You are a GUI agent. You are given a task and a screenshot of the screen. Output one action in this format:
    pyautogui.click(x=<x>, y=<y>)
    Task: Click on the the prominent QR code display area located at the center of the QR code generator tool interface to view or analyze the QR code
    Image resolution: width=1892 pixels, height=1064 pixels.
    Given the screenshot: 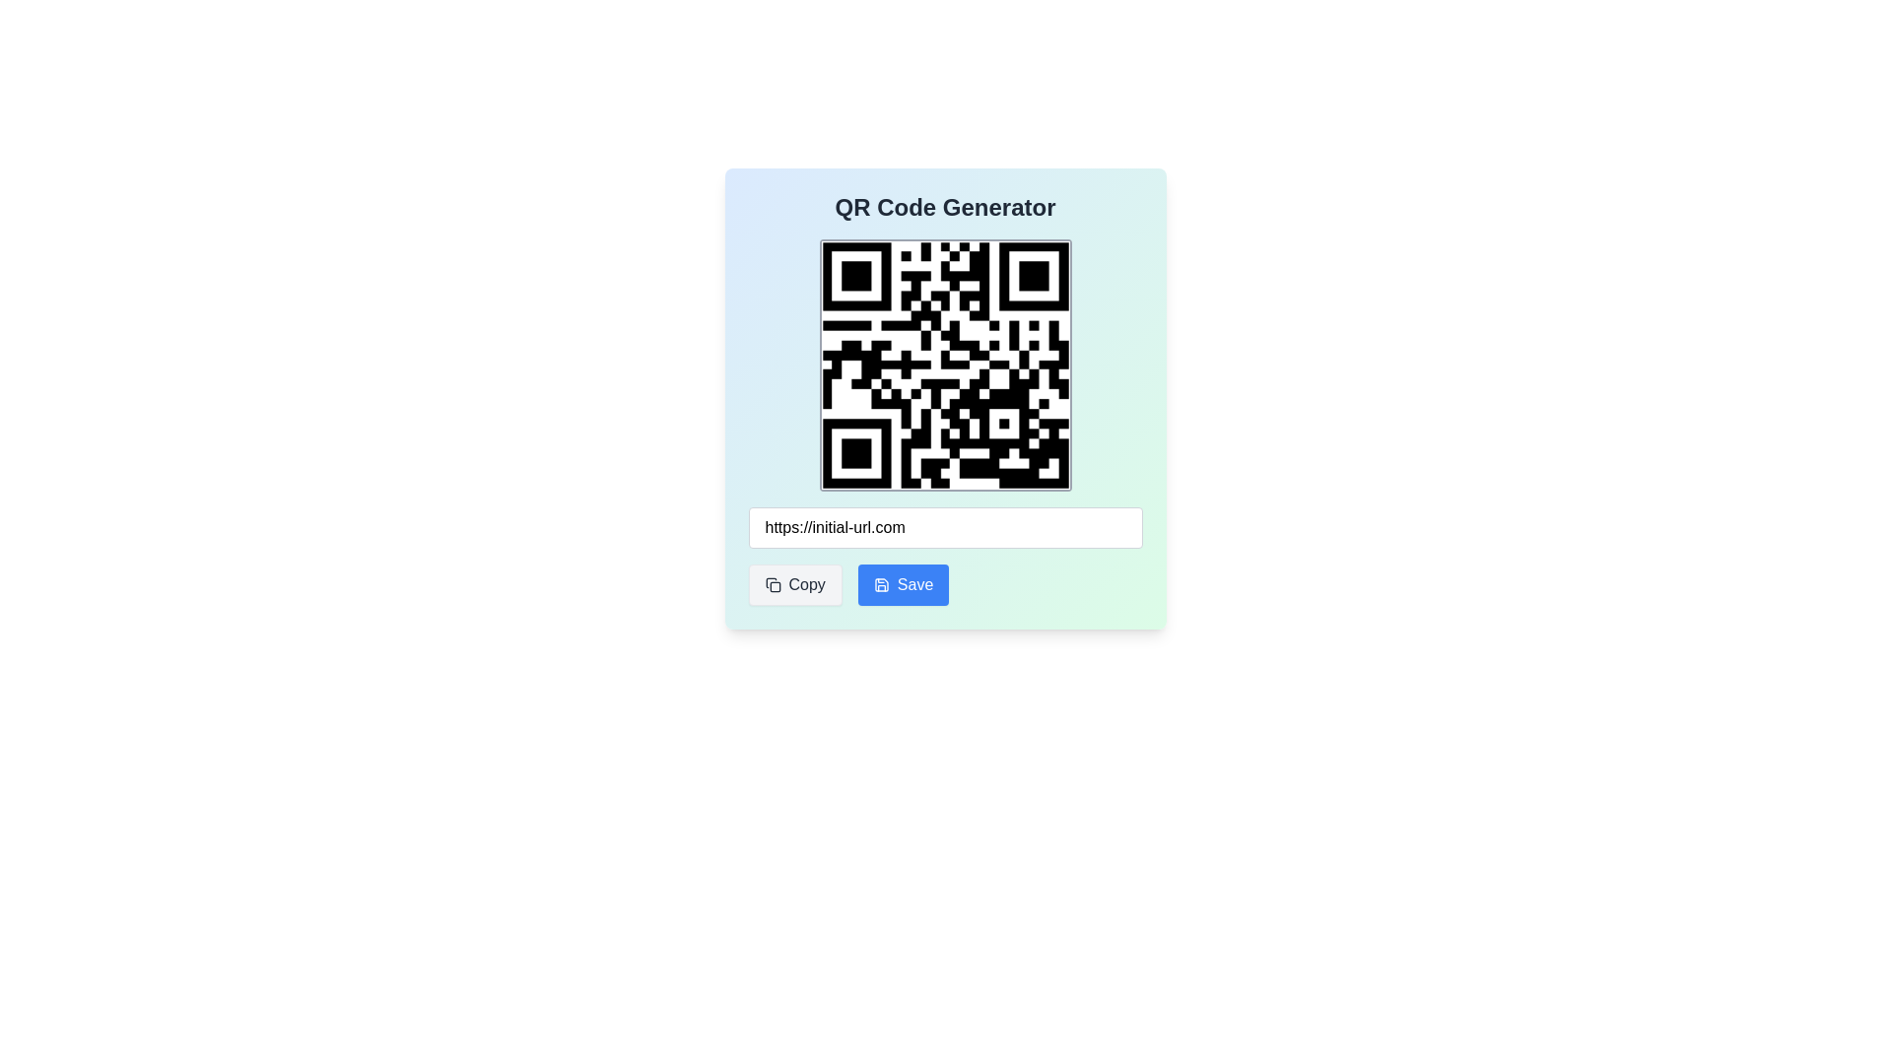 What is the action you would take?
    pyautogui.click(x=944, y=399)
    